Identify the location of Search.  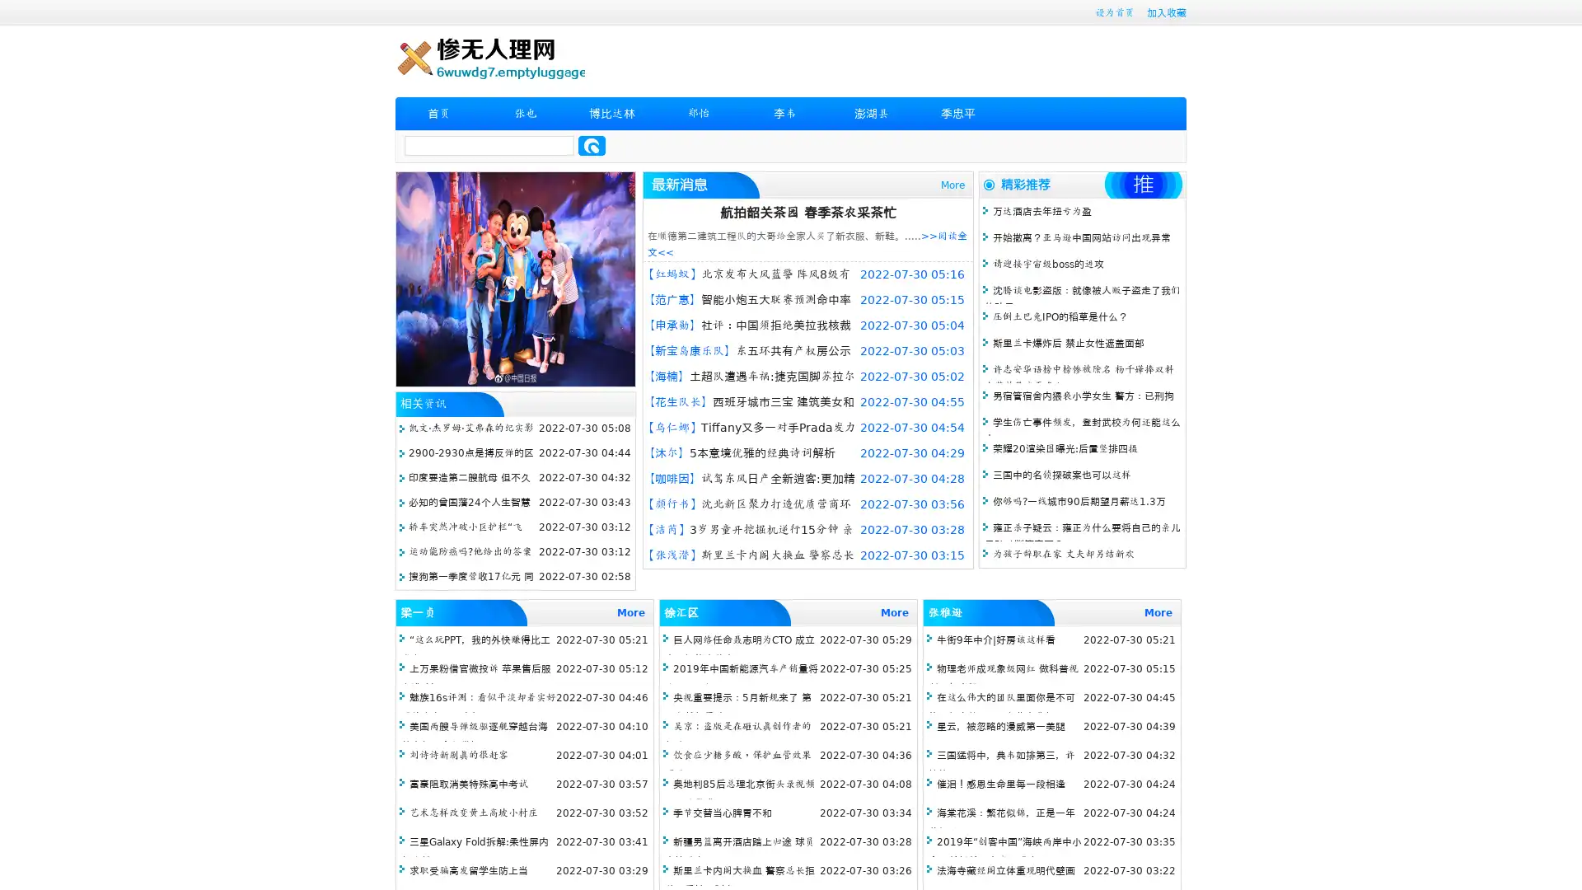
(592, 145).